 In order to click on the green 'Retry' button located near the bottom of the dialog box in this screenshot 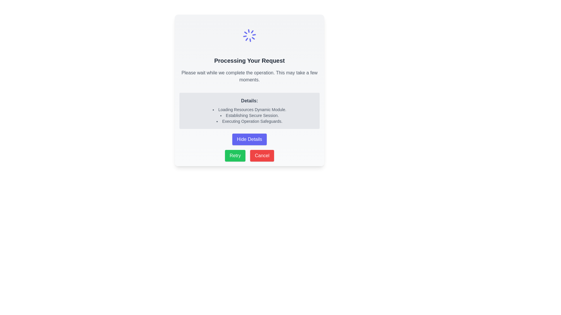, I will do `click(235, 155)`.